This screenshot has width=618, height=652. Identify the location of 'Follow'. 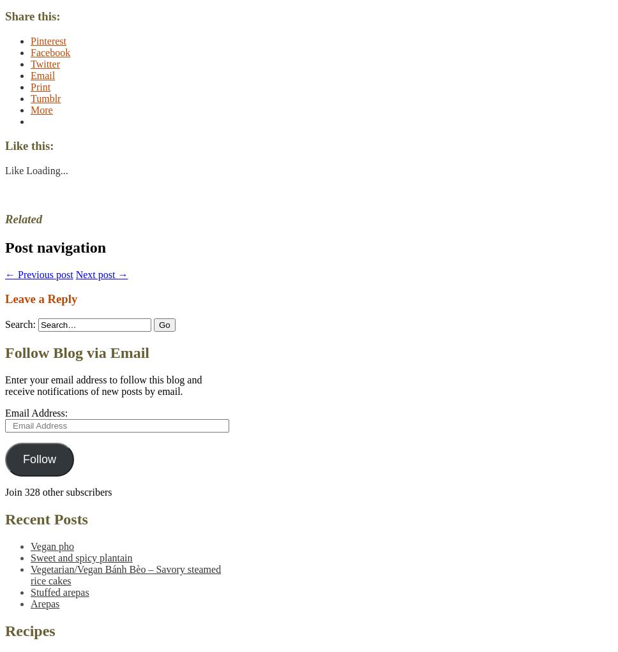
(22, 458).